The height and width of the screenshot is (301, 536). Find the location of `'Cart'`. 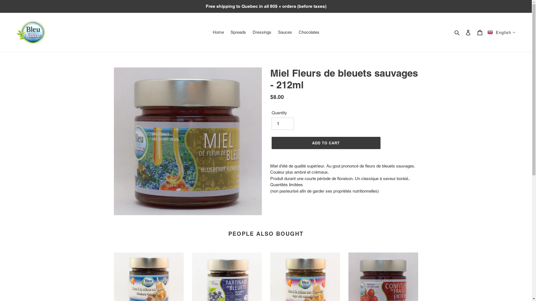

'Cart' is located at coordinates (479, 32).